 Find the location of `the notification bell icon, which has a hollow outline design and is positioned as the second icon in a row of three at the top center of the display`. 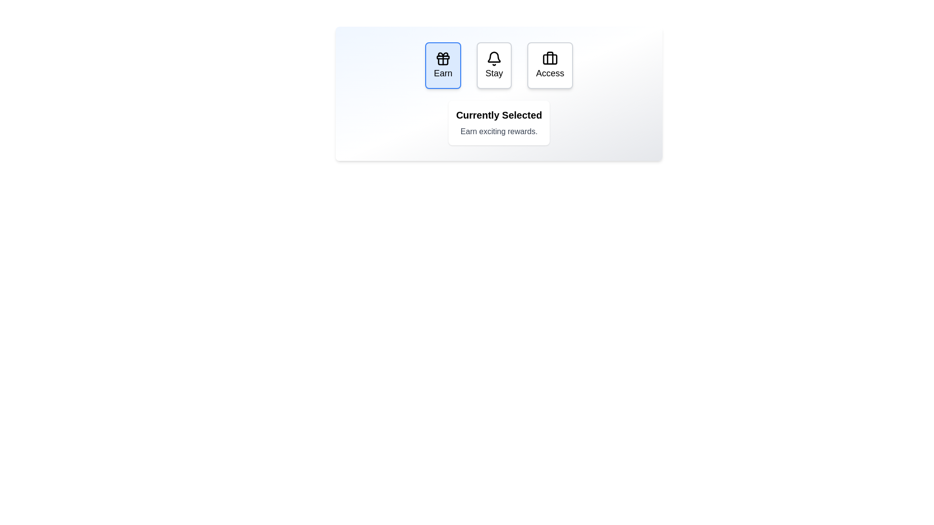

the notification bell icon, which has a hollow outline design and is positioned as the second icon in a row of three at the top center of the display is located at coordinates (494, 57).